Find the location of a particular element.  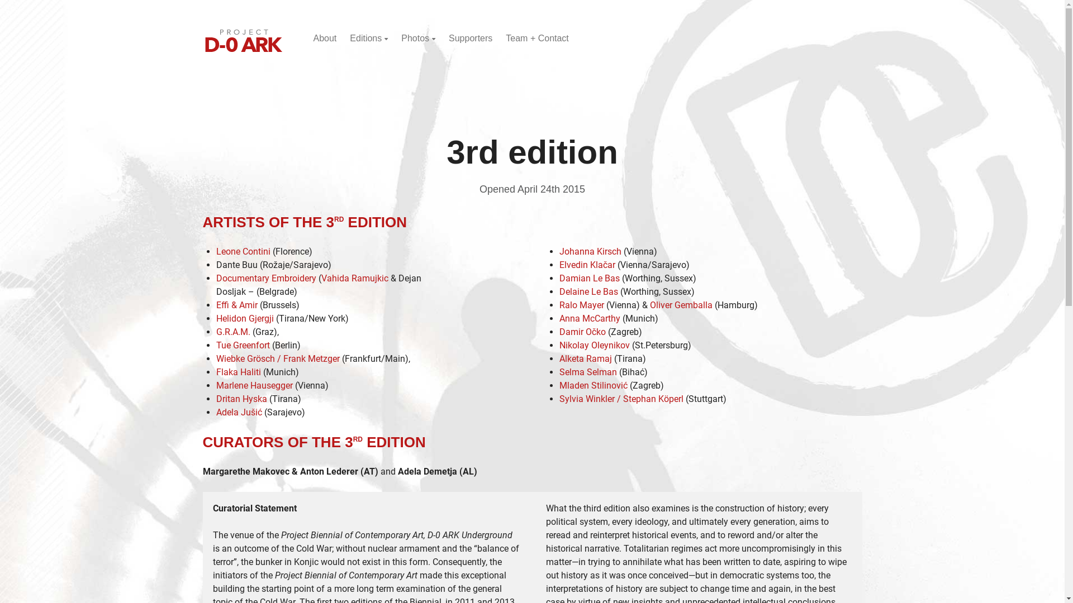

'Supporters' is located at coordinates (448, 37).